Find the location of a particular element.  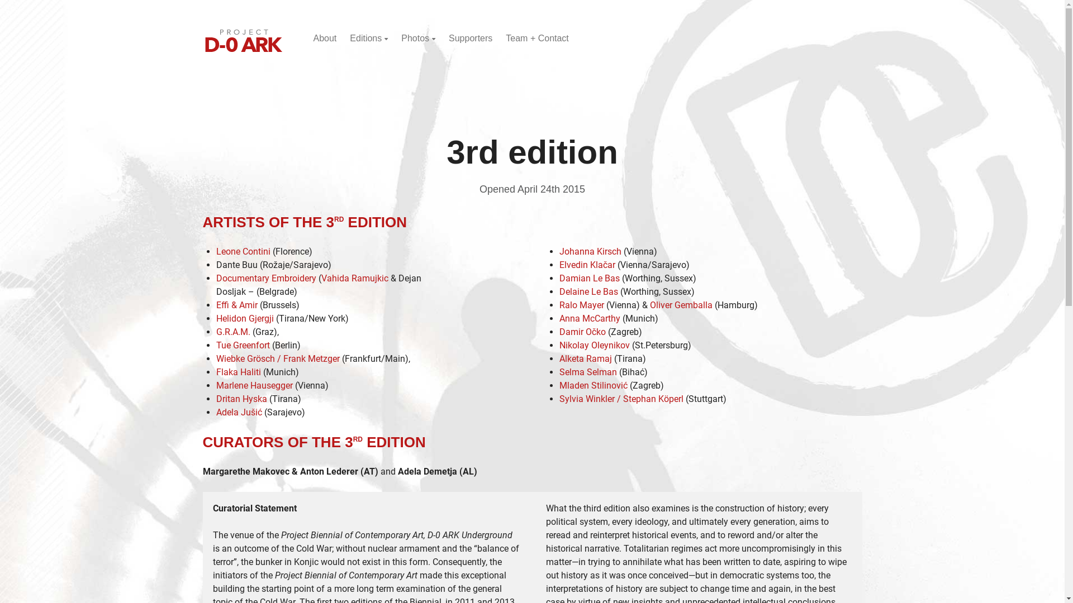

'Supporters' is located at coordinates (448, 37).